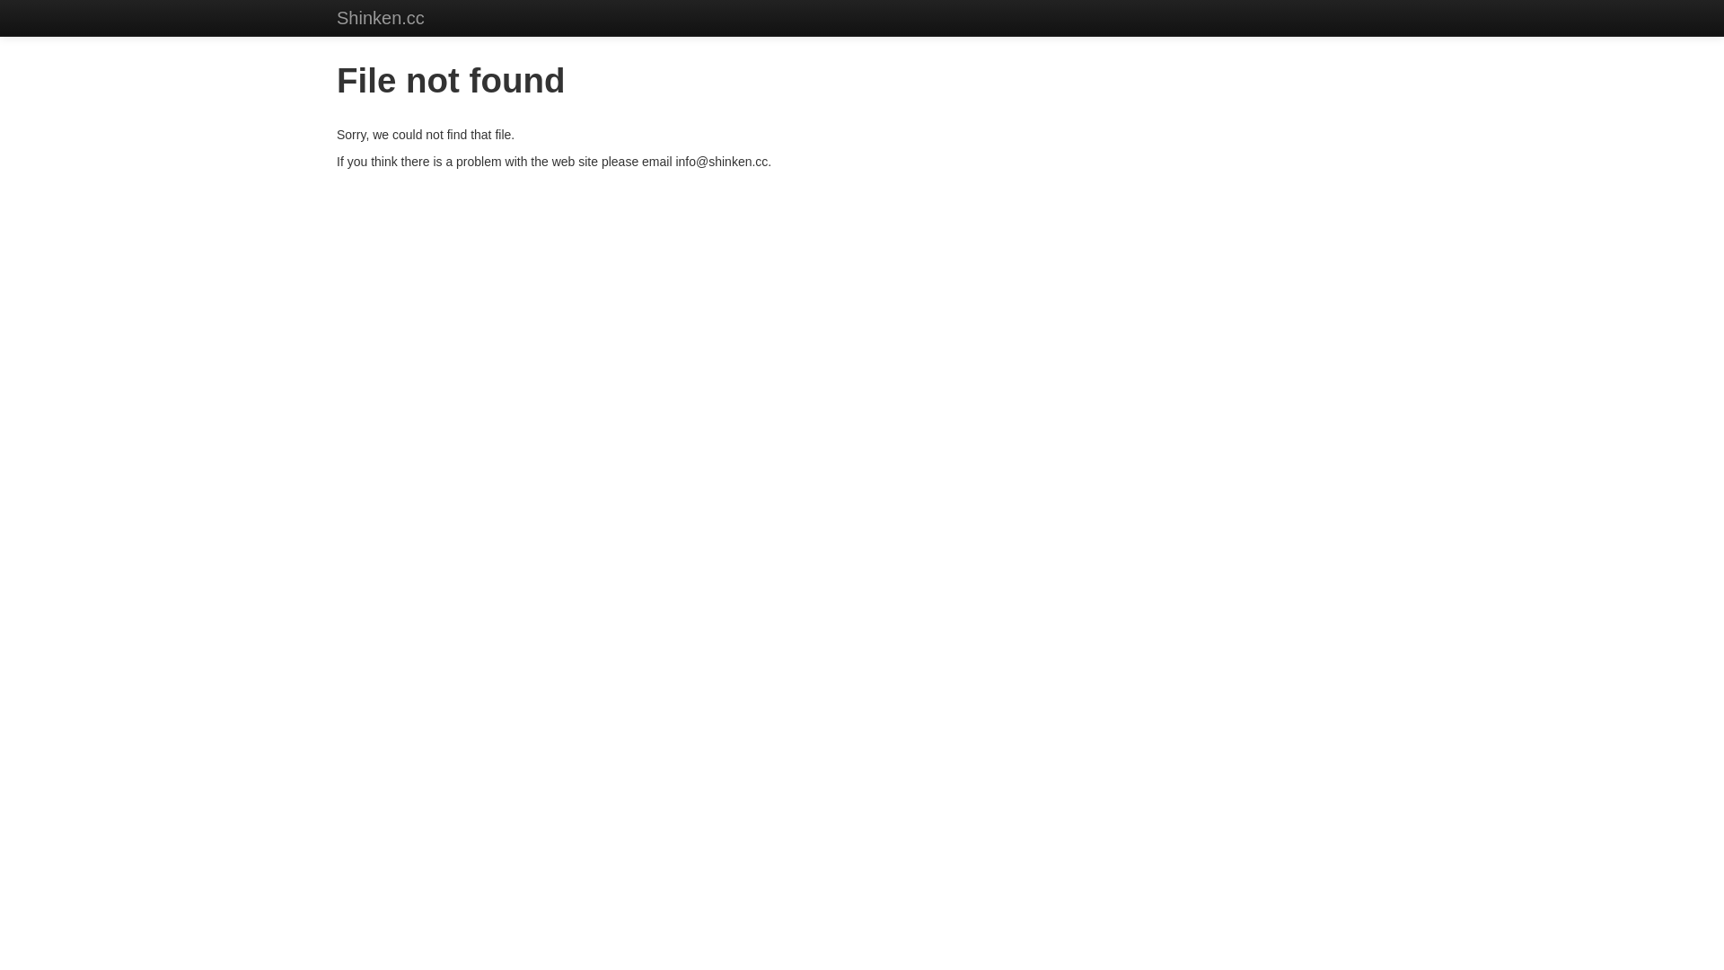 The image size is (1724, 970). Describe the element at coordinates (379, 17) in the screenshot. I see `'Shinken.cc'` at that location.